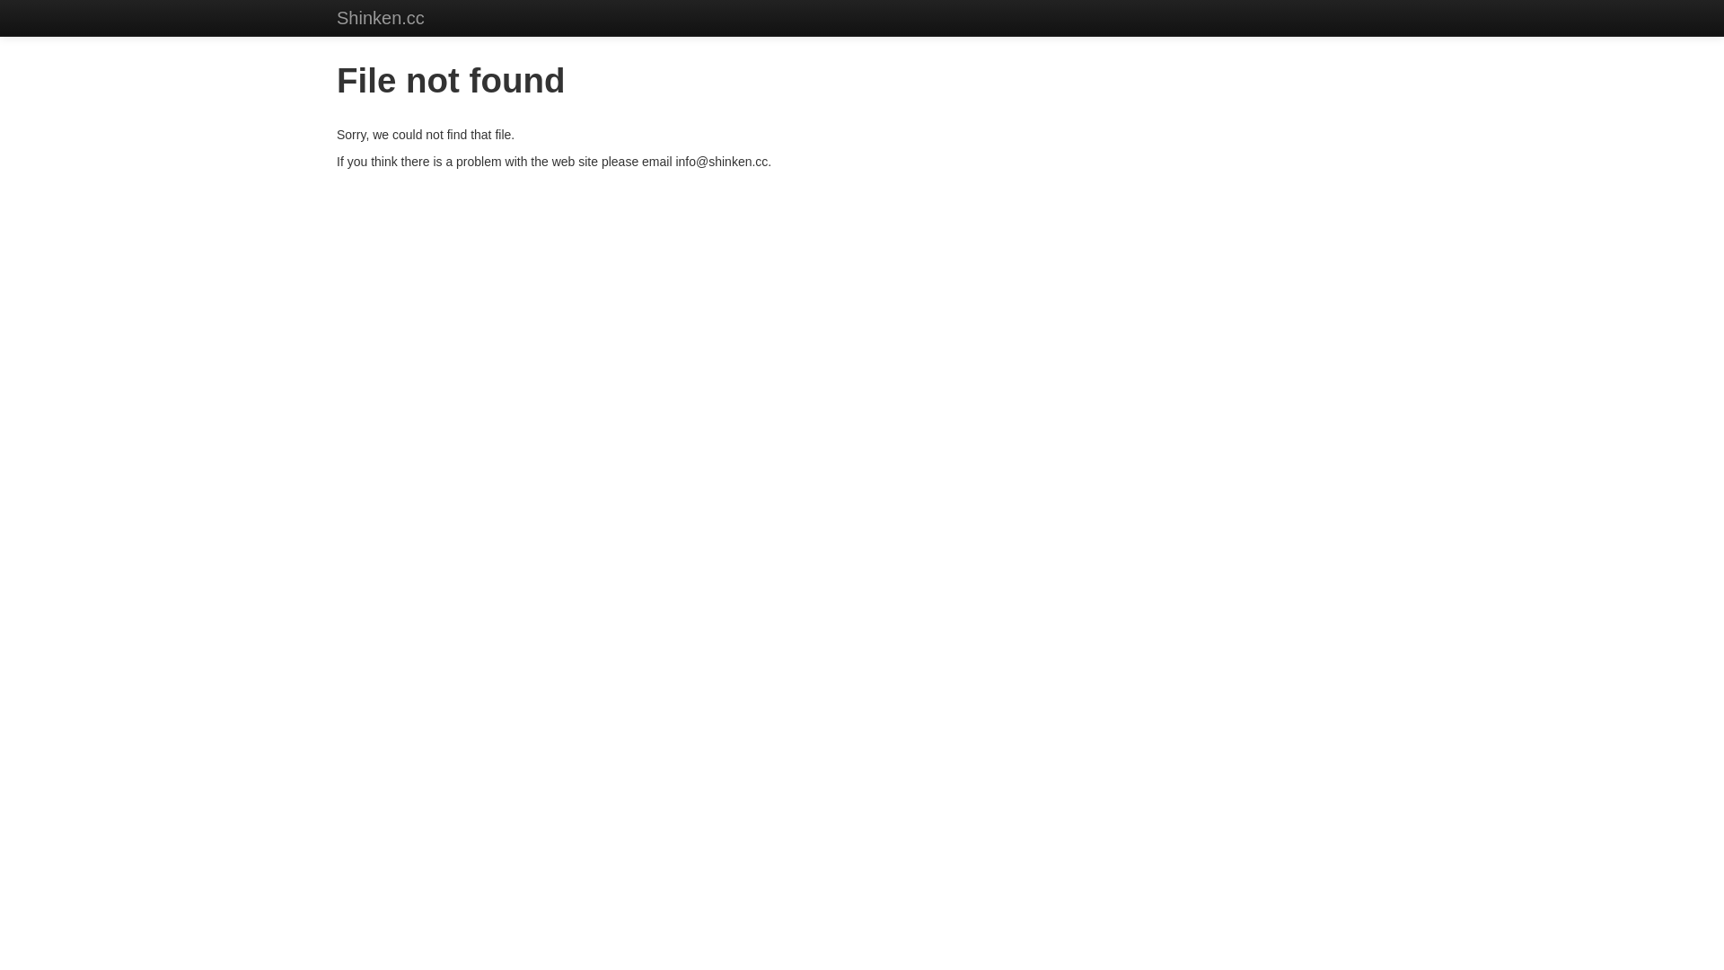 The image size is (1724, 970). Describe the element at coordinates (379, 17) in the screenshot. I see `'Shinken.cc'` at that location.